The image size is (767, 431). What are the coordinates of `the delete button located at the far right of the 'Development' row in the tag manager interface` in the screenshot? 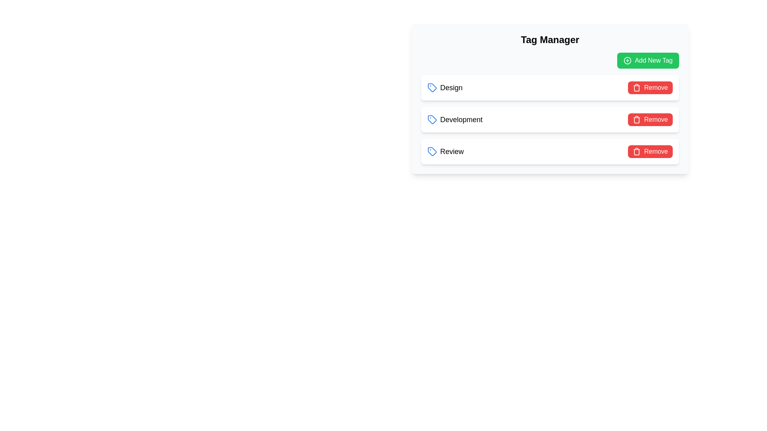 It's located at (650, 120).